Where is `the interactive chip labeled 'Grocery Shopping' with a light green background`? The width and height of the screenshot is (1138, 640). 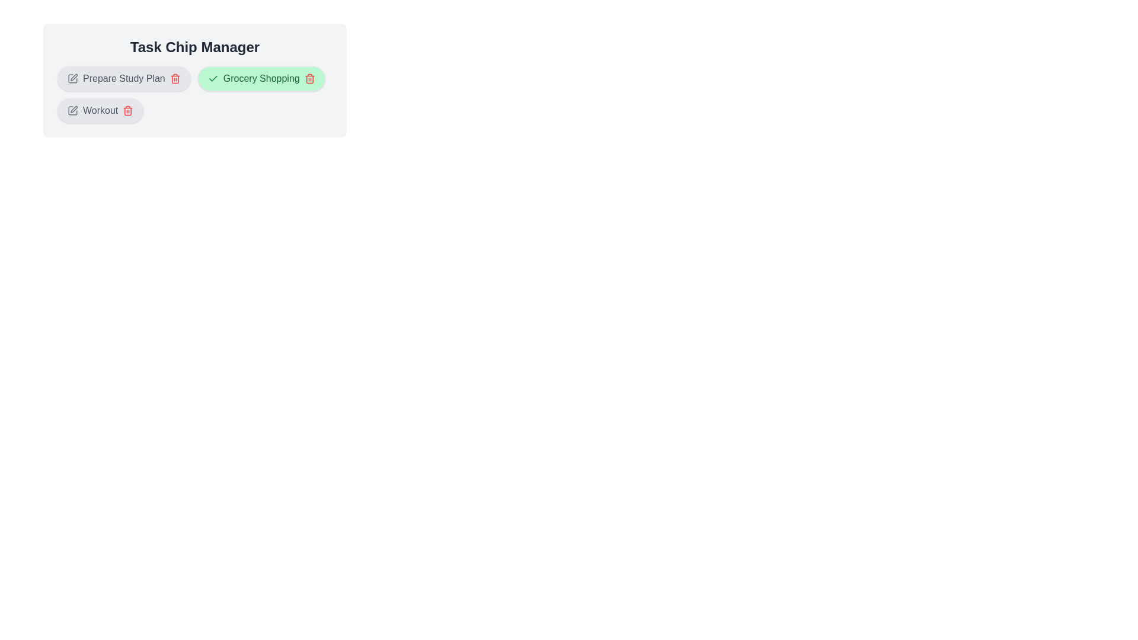
the interactive chip labeled 'Grocery Shopping' with a light green background is located at coordinates (261, 78).